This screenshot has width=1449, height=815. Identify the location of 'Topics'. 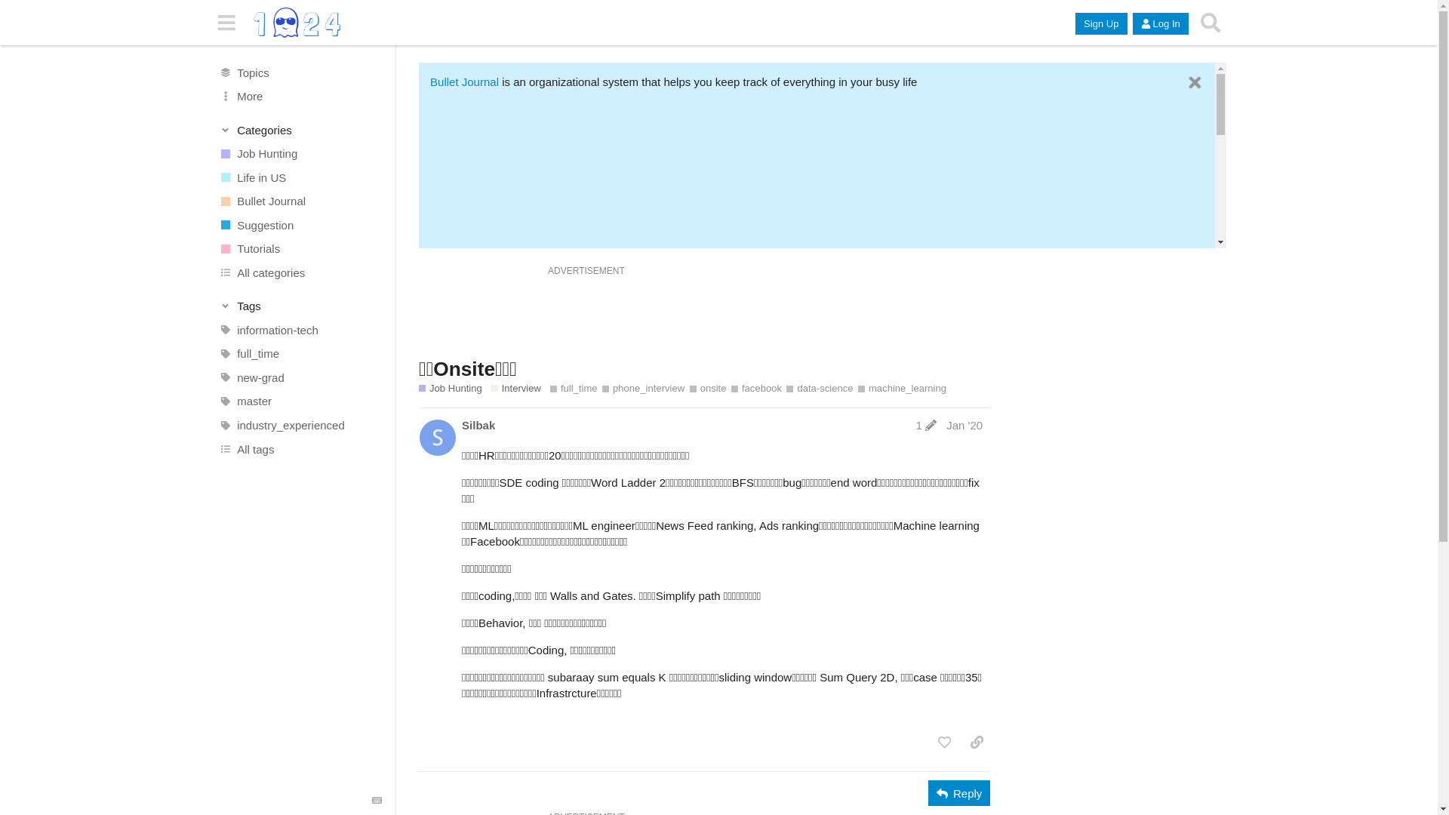
(202, 72).